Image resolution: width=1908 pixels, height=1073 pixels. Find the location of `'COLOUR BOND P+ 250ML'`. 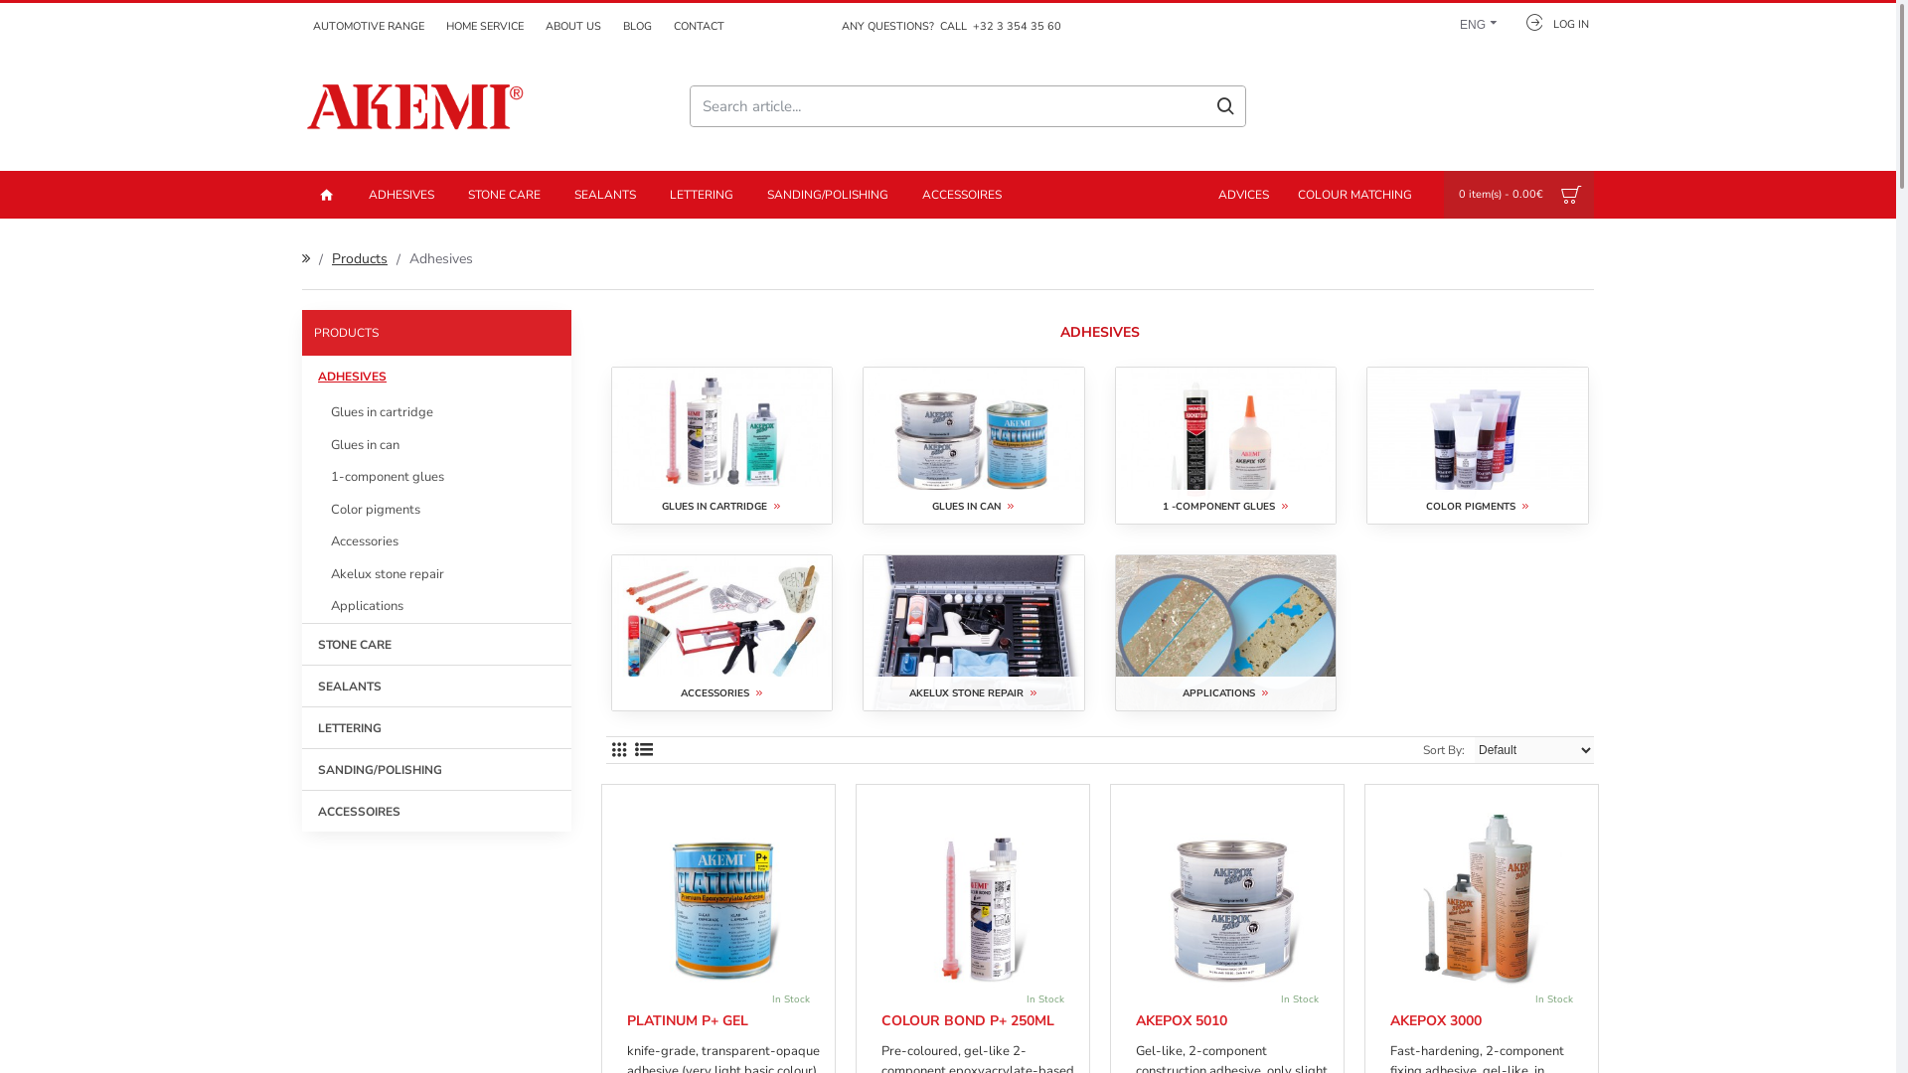

'COLOUR BOND P+ 250ML' is located at coordinates (968, 1021).